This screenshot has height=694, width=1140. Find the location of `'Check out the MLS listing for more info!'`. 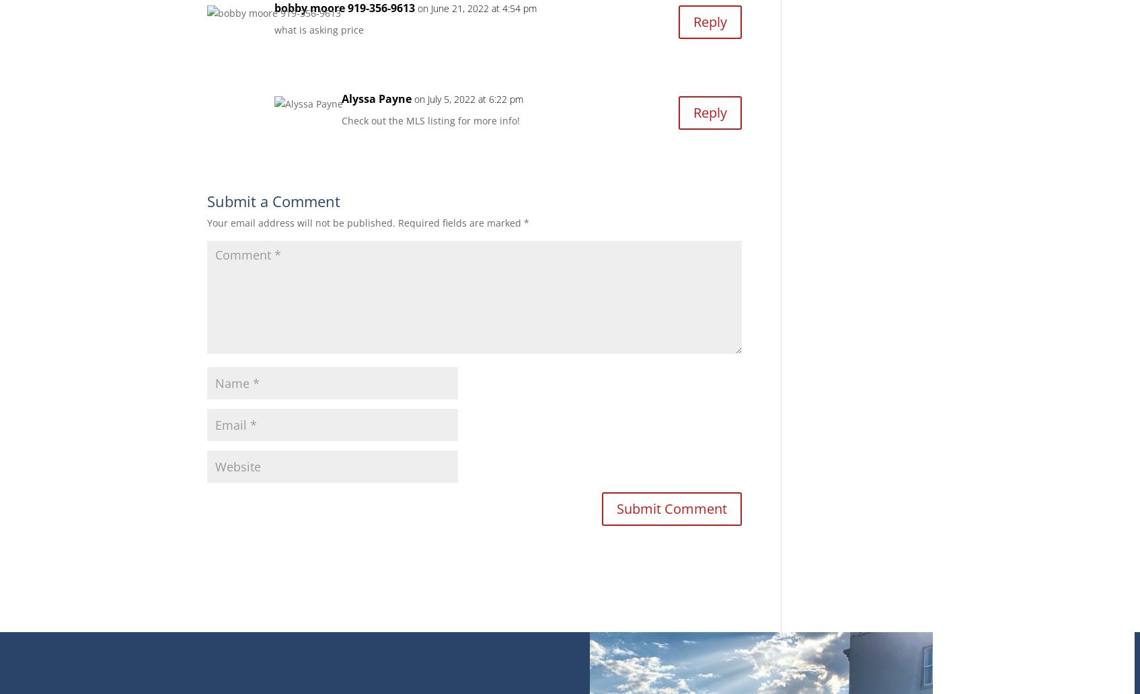

'Check out the MLS listing for more info!' is located at coordinates (429, 119).